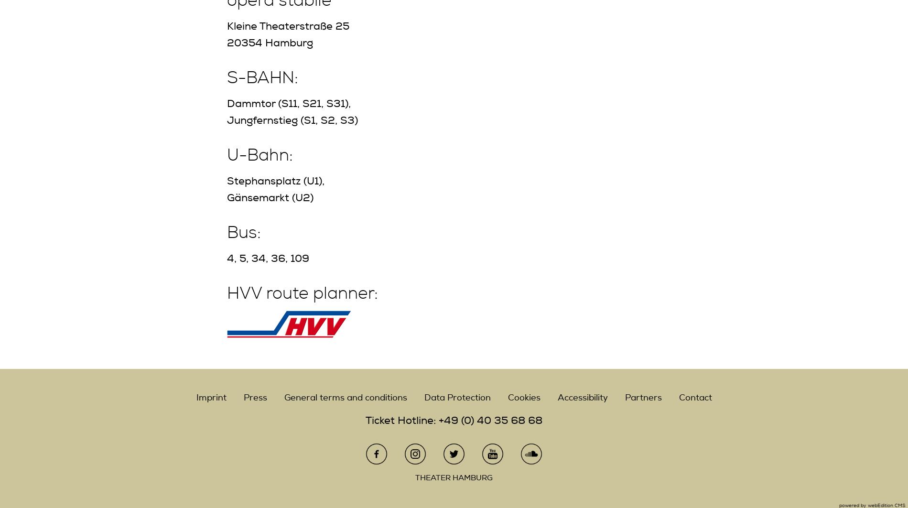 This screenshot has height=508, width=908. Describe the element at coordinates (289, 103) in the screenshot. I see `'Dammtor (S11, S21, S31),'` at that location.